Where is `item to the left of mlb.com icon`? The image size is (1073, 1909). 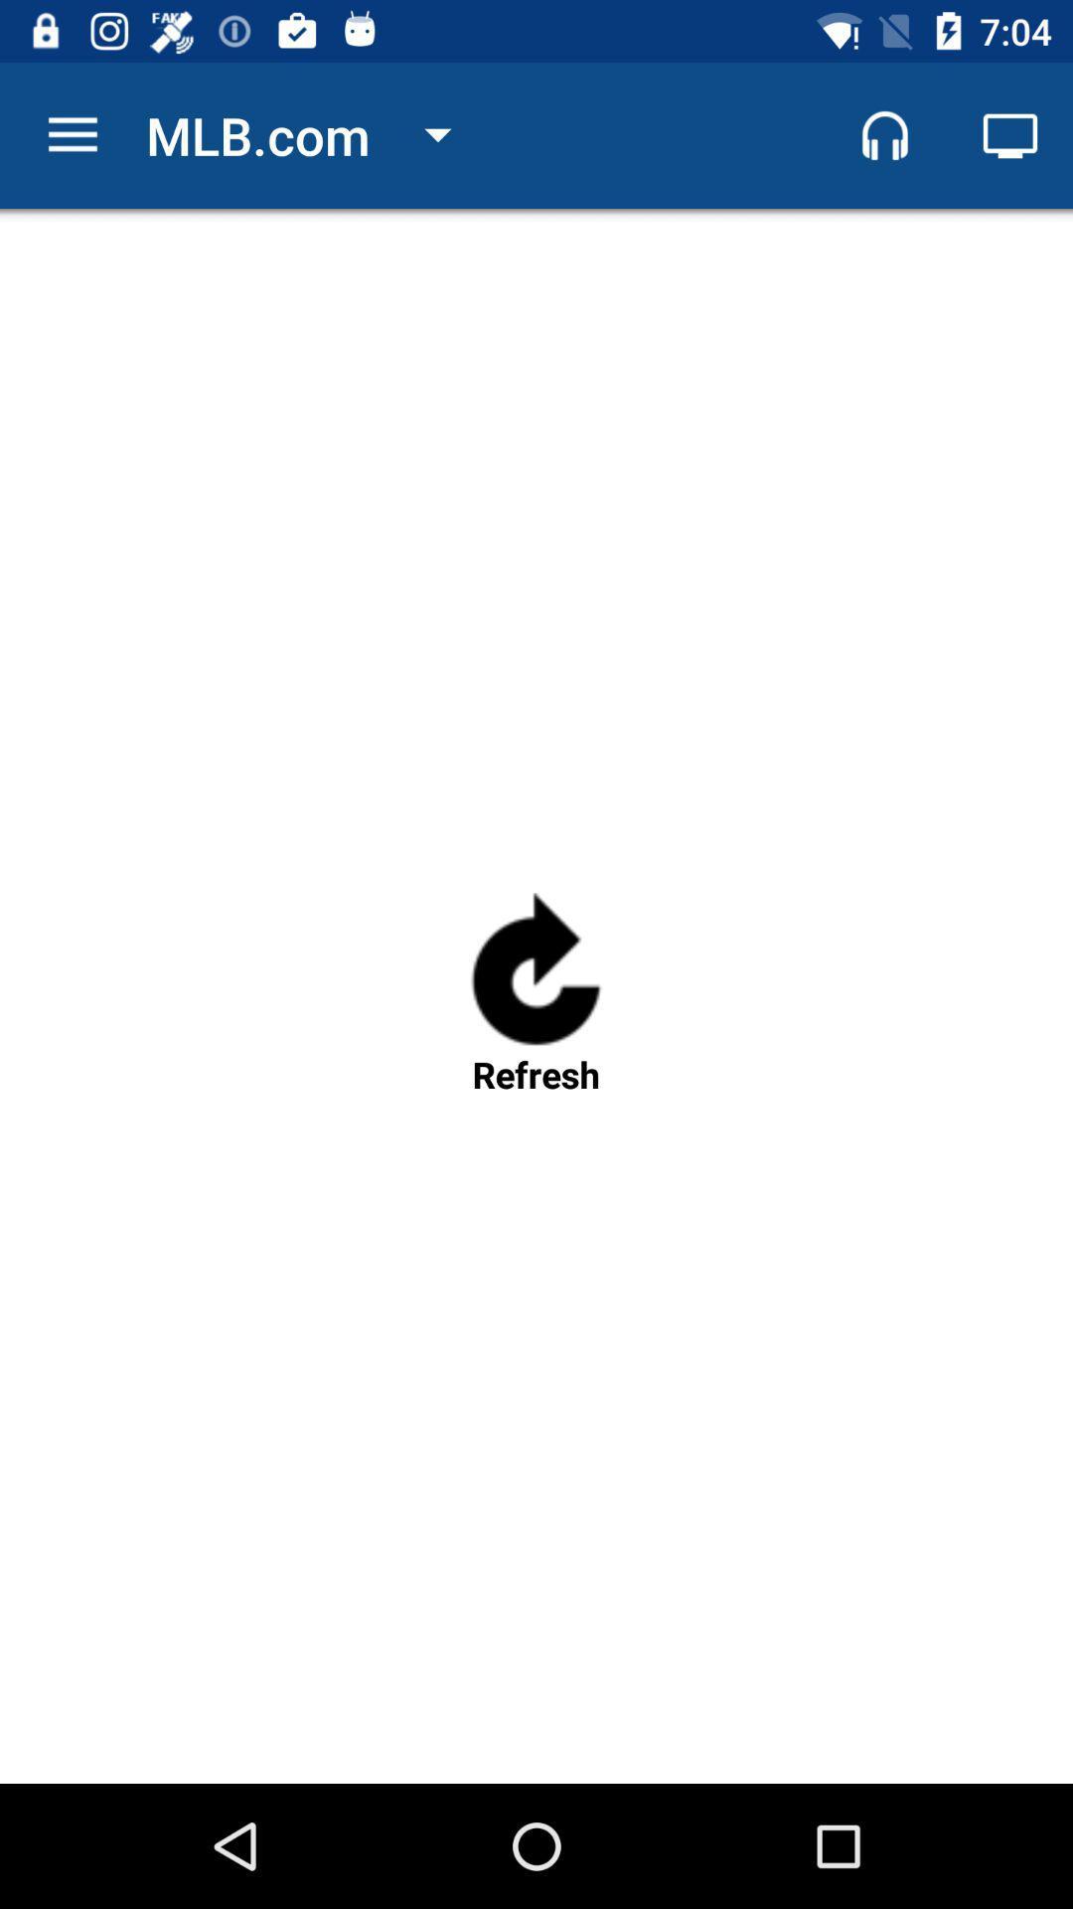 item to the left of mlb.com icon is located at coordinates (72, 134).